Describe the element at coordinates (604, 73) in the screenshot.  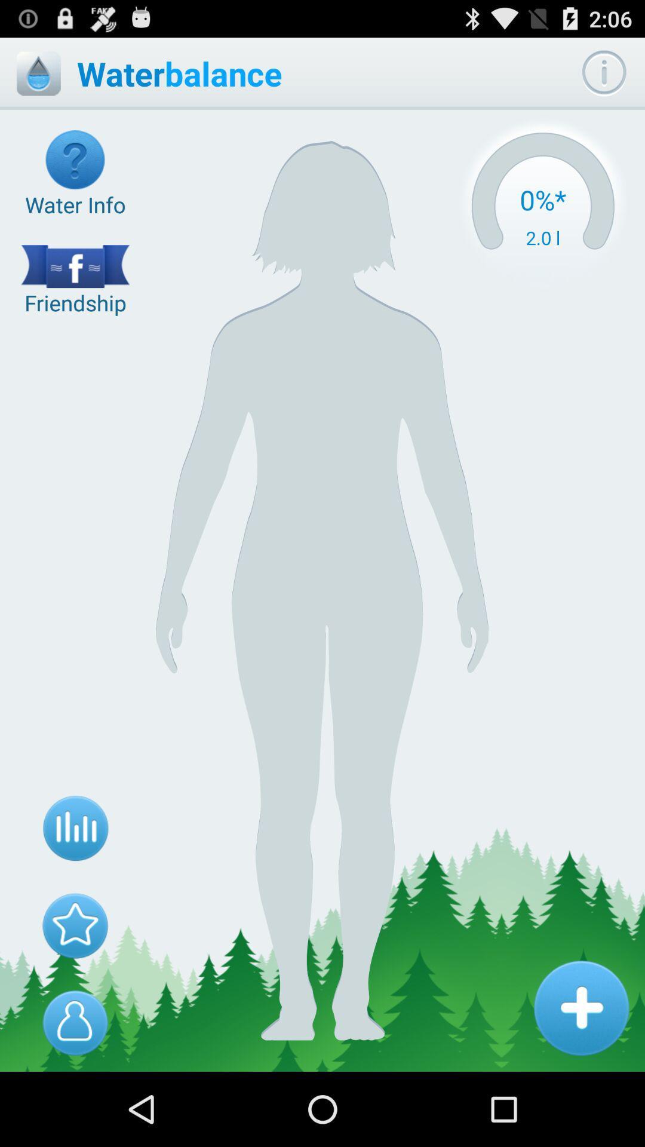
I see `app next to the waterbalance item` at that location.